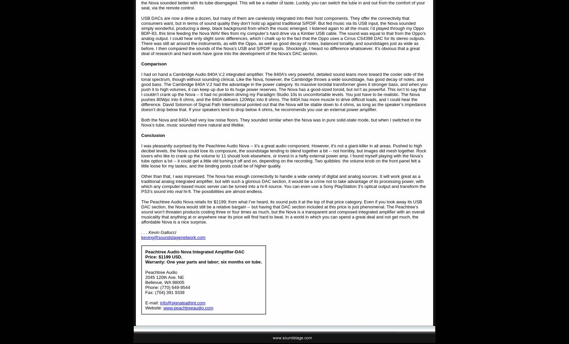 Image resolution: width=569 pixels, height=344 pixels. Describe the element at coordinates (153, 135) in the screenshot. I see `'Conclusion'` at that location.